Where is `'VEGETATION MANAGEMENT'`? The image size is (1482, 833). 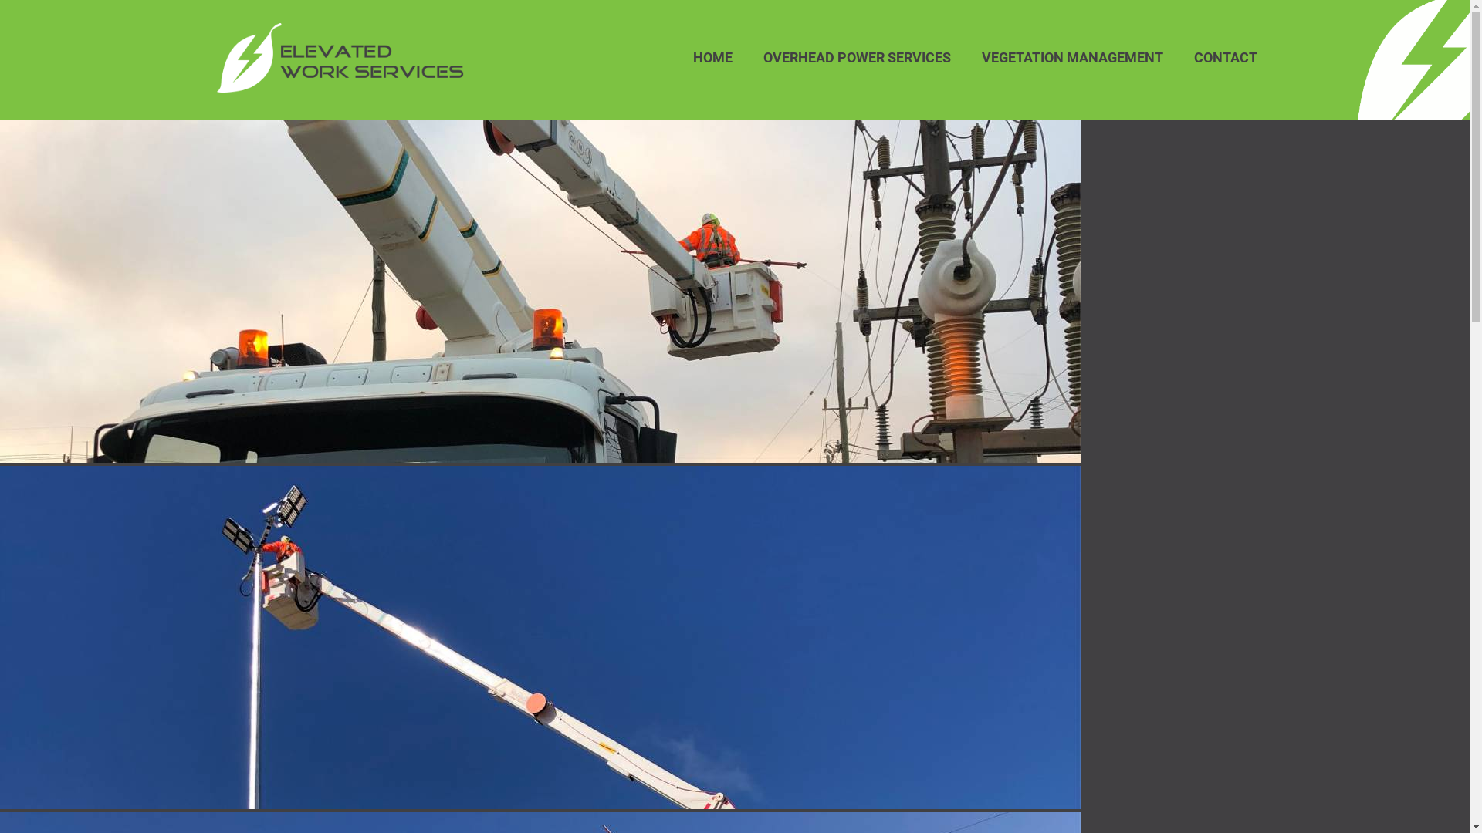
'VEGETATION MANAGEMENT' is located at coordinates (1071, 56).